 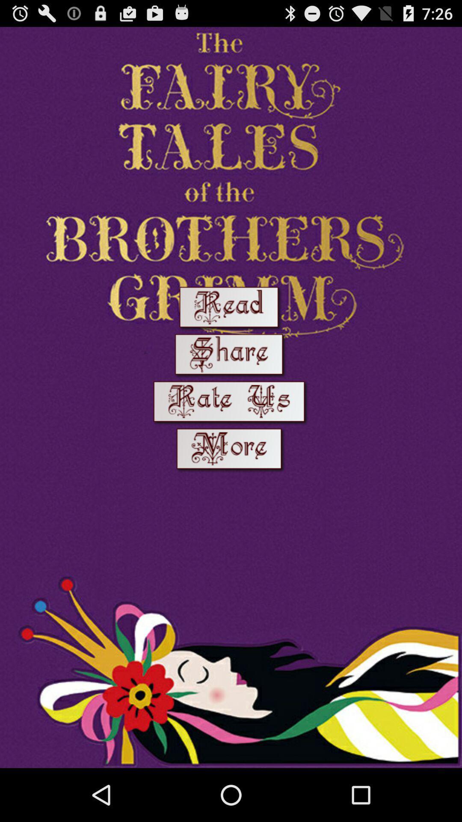 I want to click on to know more, so click(x=231, y=450).